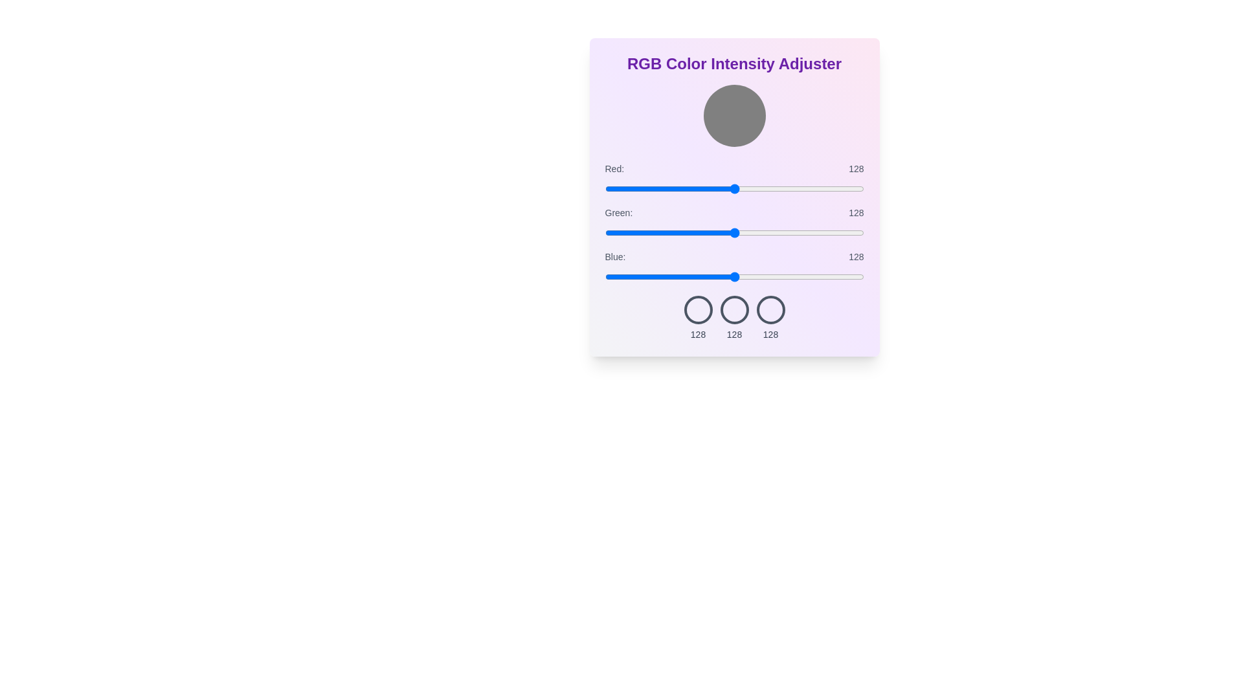  Describe the element at coordinates (826, 276) in the screenshot. I see `the blue slider to 219` at that location.